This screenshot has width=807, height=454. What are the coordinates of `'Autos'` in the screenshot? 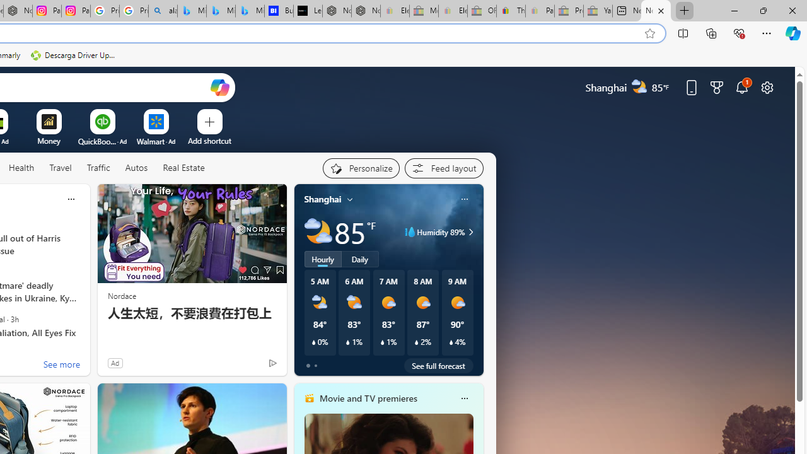 It's located at (136, 168).